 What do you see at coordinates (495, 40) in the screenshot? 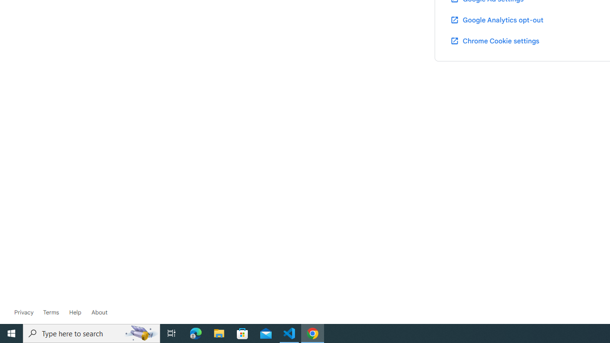
I see `'Chrome Cookie settings'` at bounding box center [495, 40].